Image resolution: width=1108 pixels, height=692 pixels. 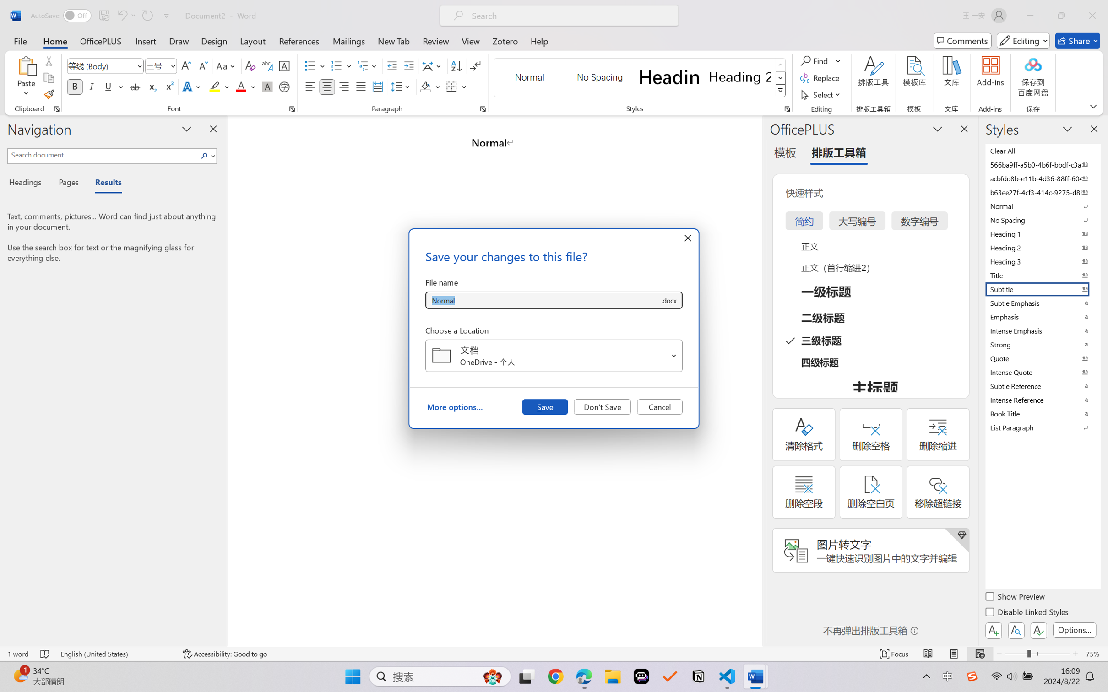 I want to click on 'Font', so click(x=105, y=66).